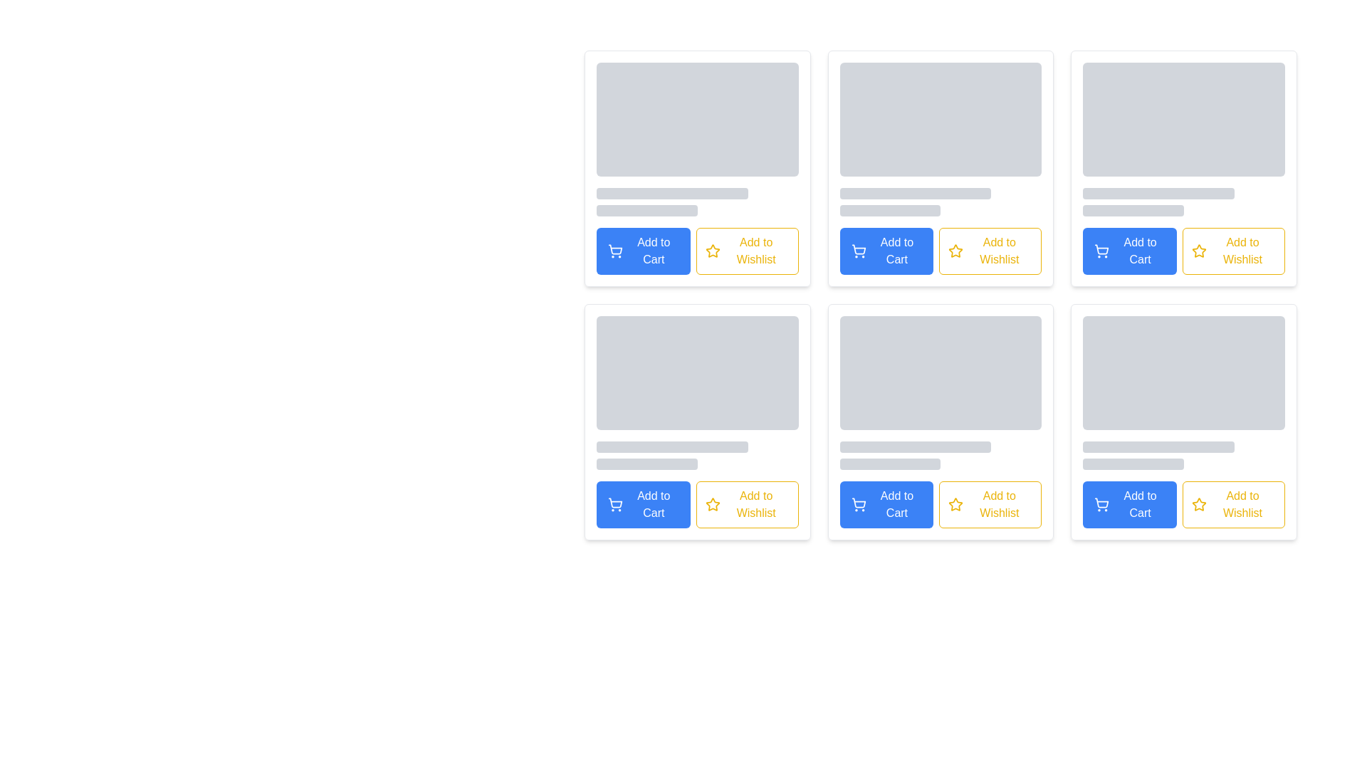 The image size is (1367, 769). What do you see at coordinates (1129, 504) in the screenshot?
I see `the leftmost button in the card layout to initiate adding the item to the shopping cart` at bounding box center [1129, 504].